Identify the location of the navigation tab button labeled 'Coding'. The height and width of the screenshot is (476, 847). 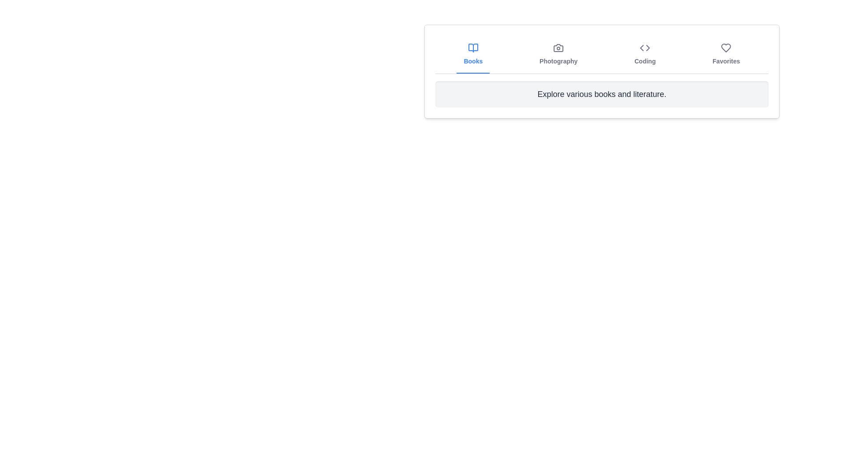
(645, 54).